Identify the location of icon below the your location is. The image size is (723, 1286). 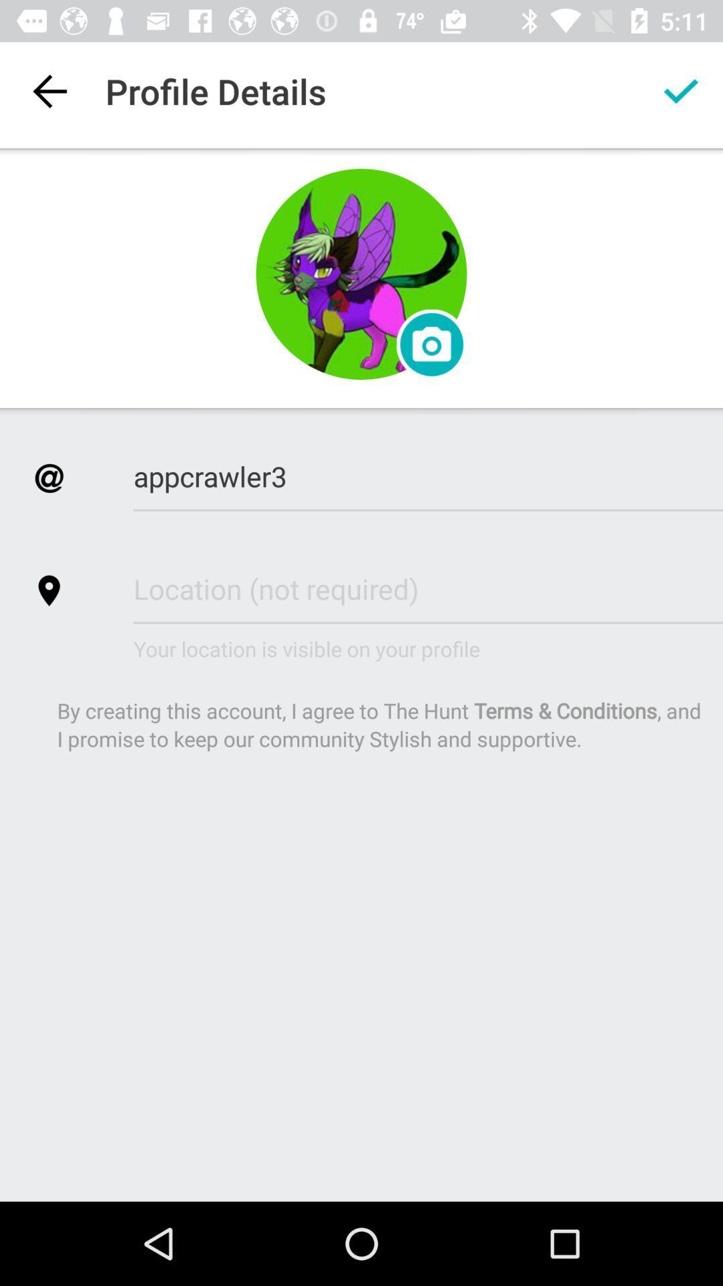
(380, 723).